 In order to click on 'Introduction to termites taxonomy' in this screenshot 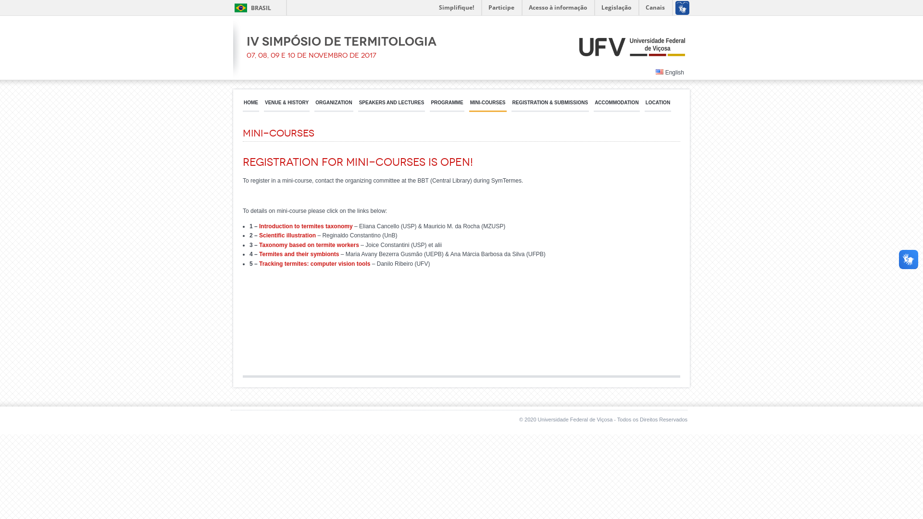, I will do `click(305, 226)`.